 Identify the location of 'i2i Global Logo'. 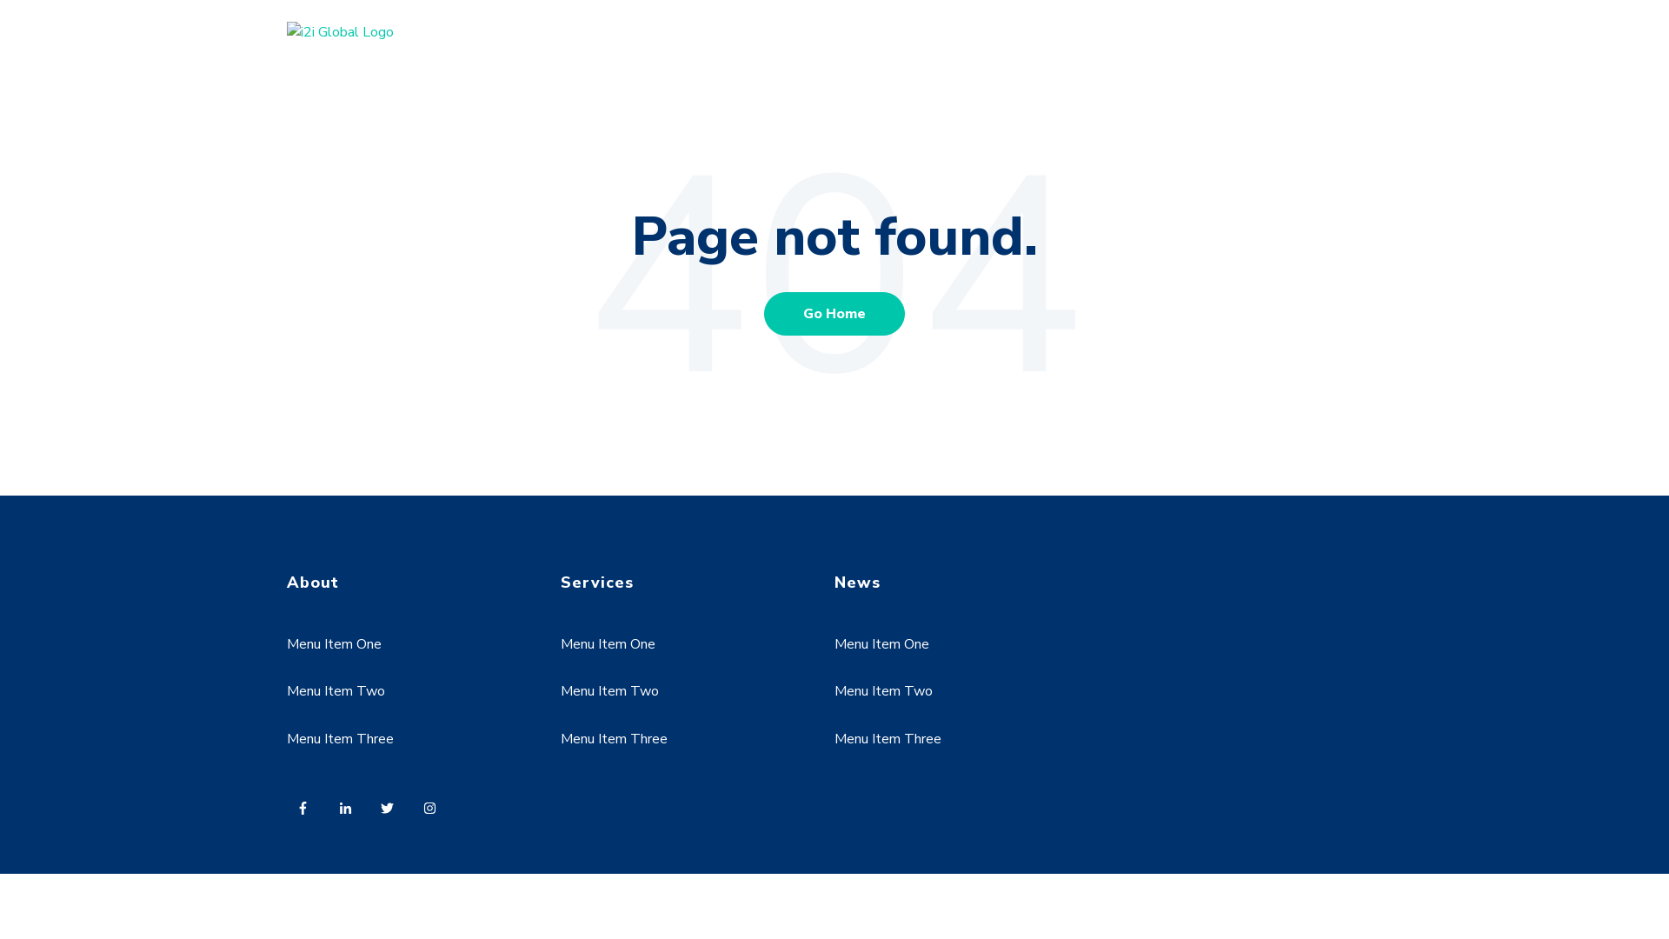
(340, 32).